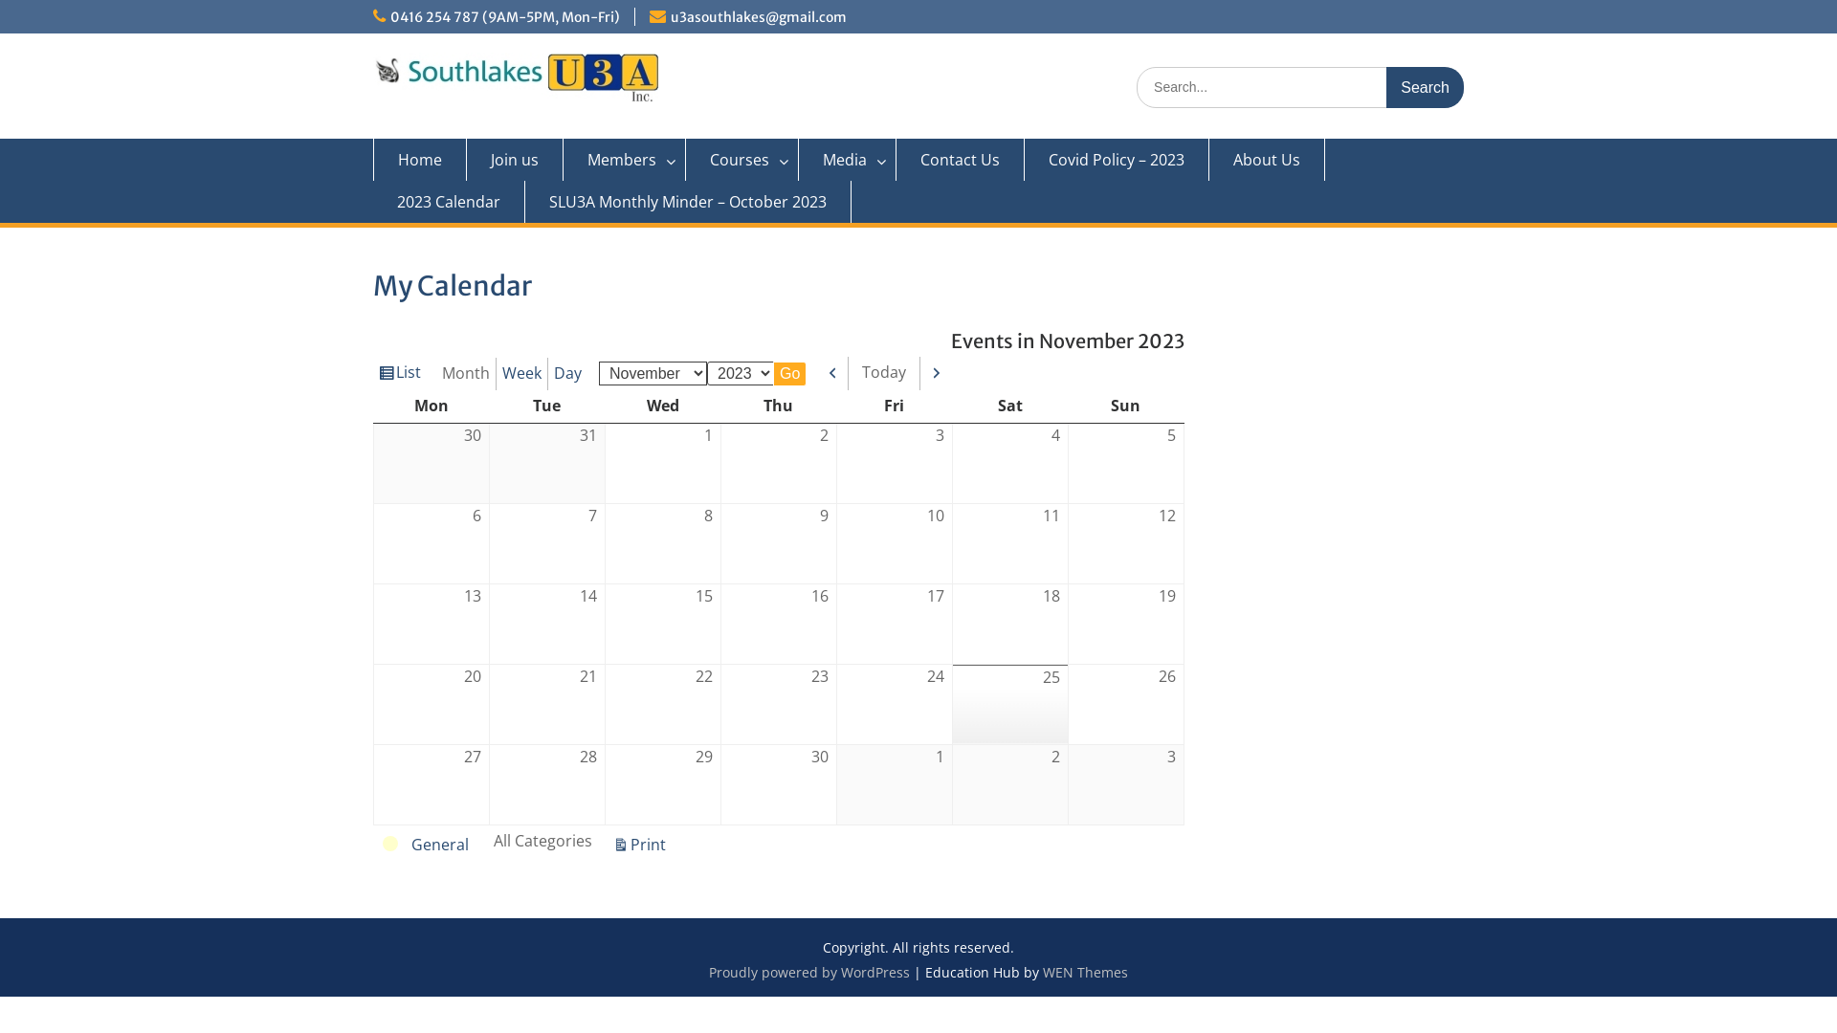  What do you see at coordinates (833, 373) in the screenshot?
I see `'Previous'` at bounding box center [833, 373].